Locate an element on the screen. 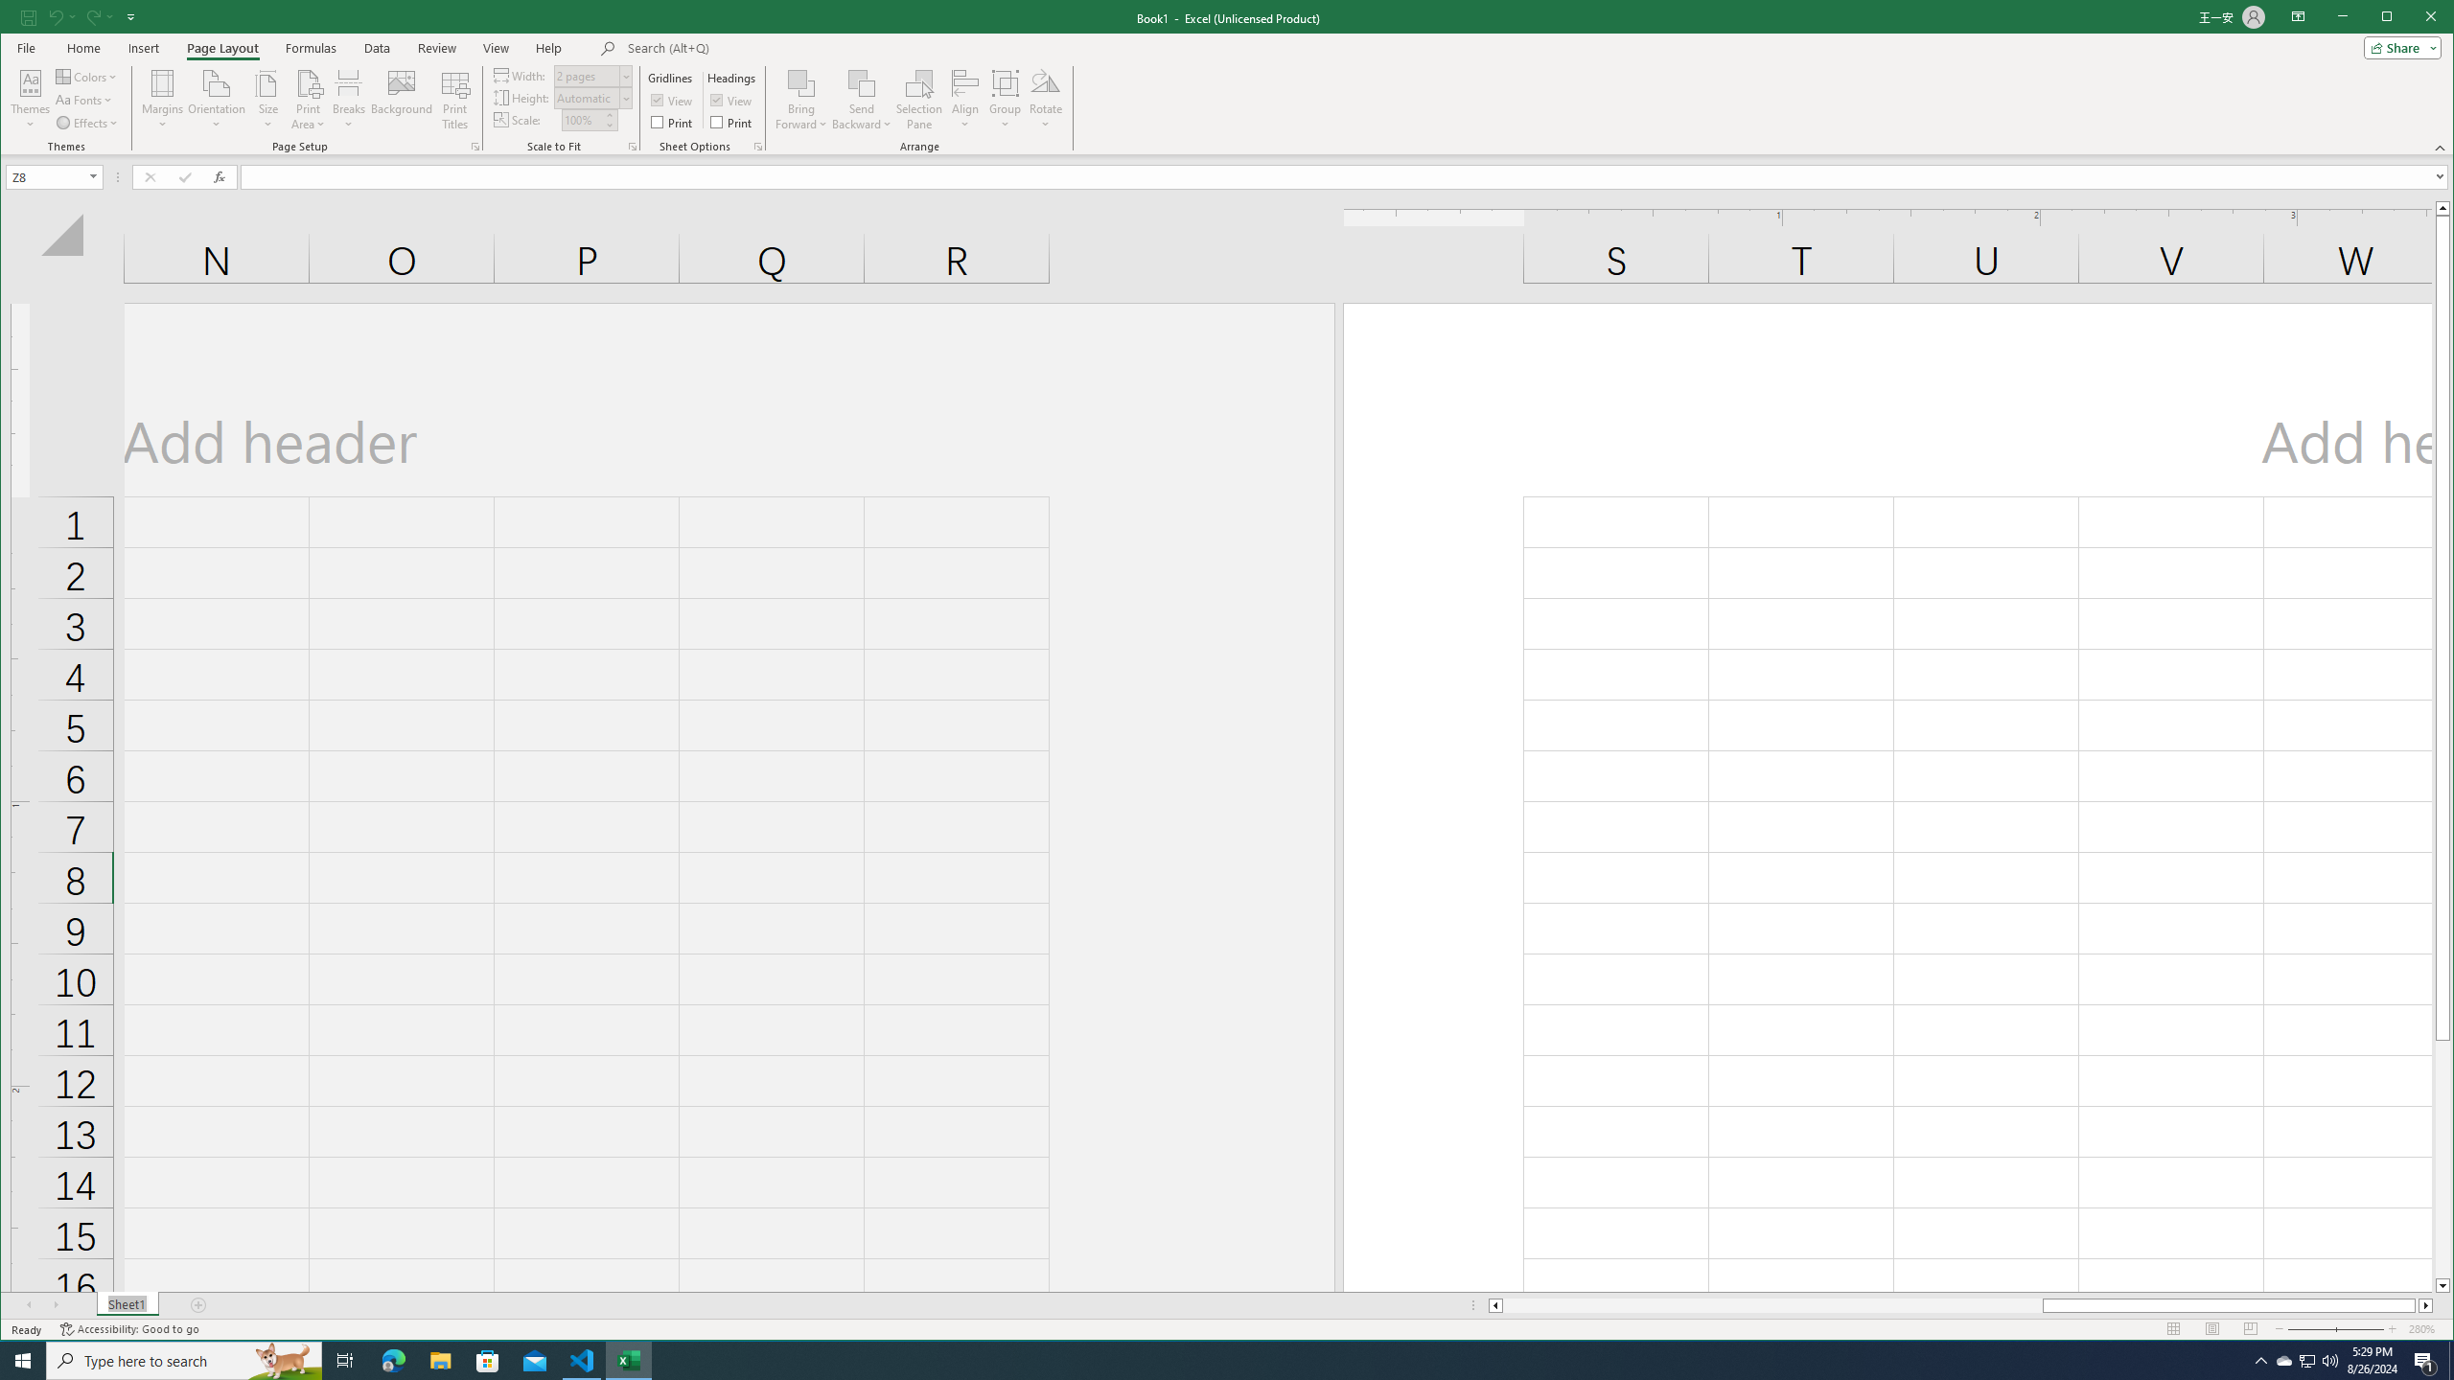  'Excel - 1 running window' is located at coordinates (629, 1359).